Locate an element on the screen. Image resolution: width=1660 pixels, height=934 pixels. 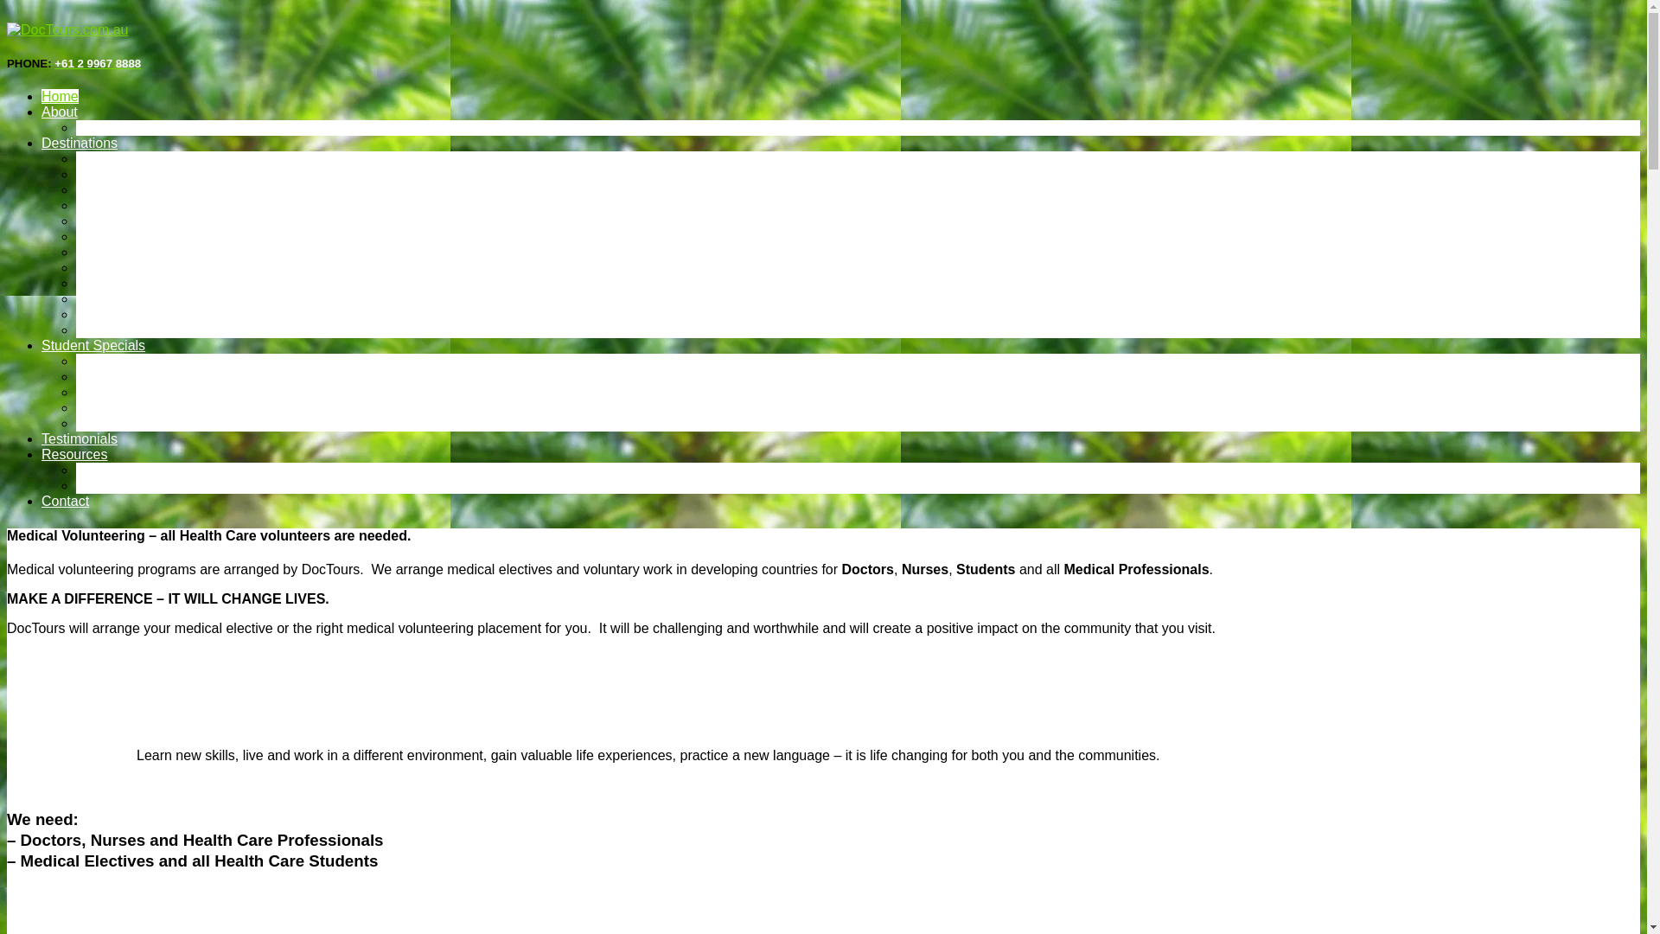
'Nepal' is located at coordinates (93, 220).